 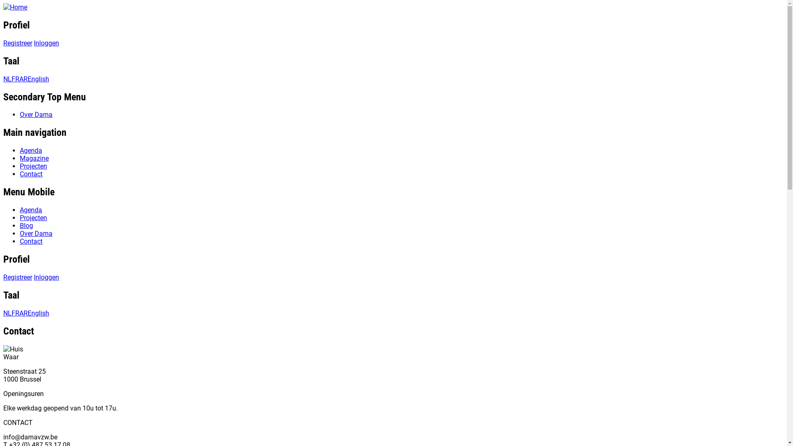 I want to click on 'FR', so click(x=15, y=79).